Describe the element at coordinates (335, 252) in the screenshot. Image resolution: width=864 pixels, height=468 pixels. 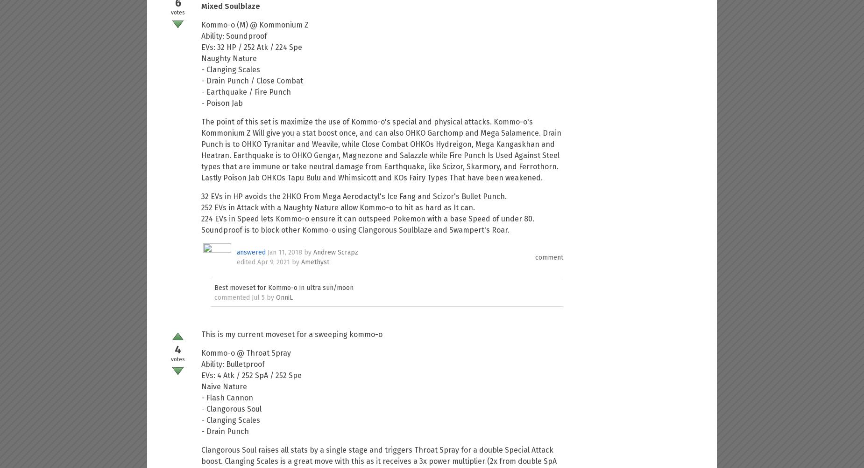
I see `'Andrew Scrapz'` at that location.